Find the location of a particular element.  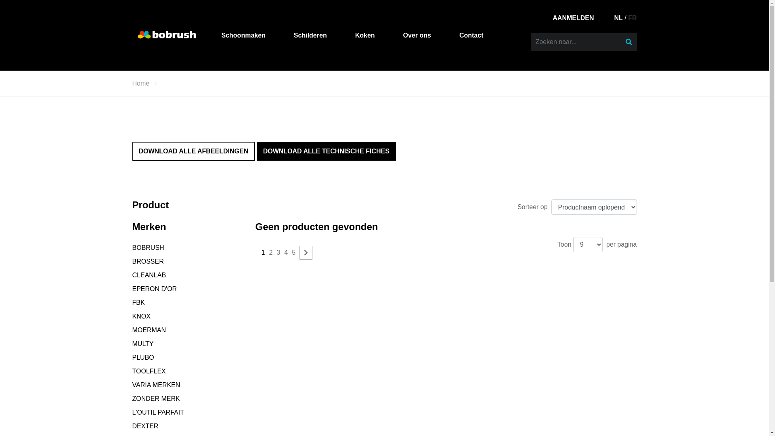

'5' is located at coordinates (293, 252).